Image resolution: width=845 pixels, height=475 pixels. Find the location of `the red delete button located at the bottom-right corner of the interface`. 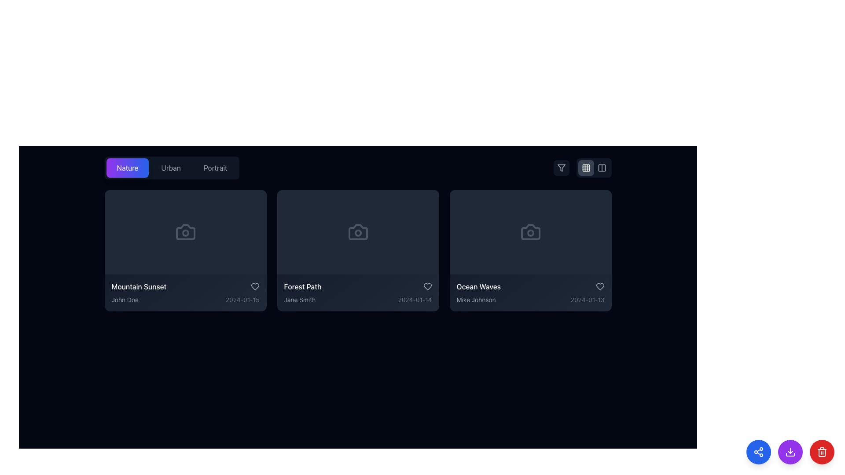

the red delete button located at the bottom-right corner of the interface is located at coordinates (821, 452).